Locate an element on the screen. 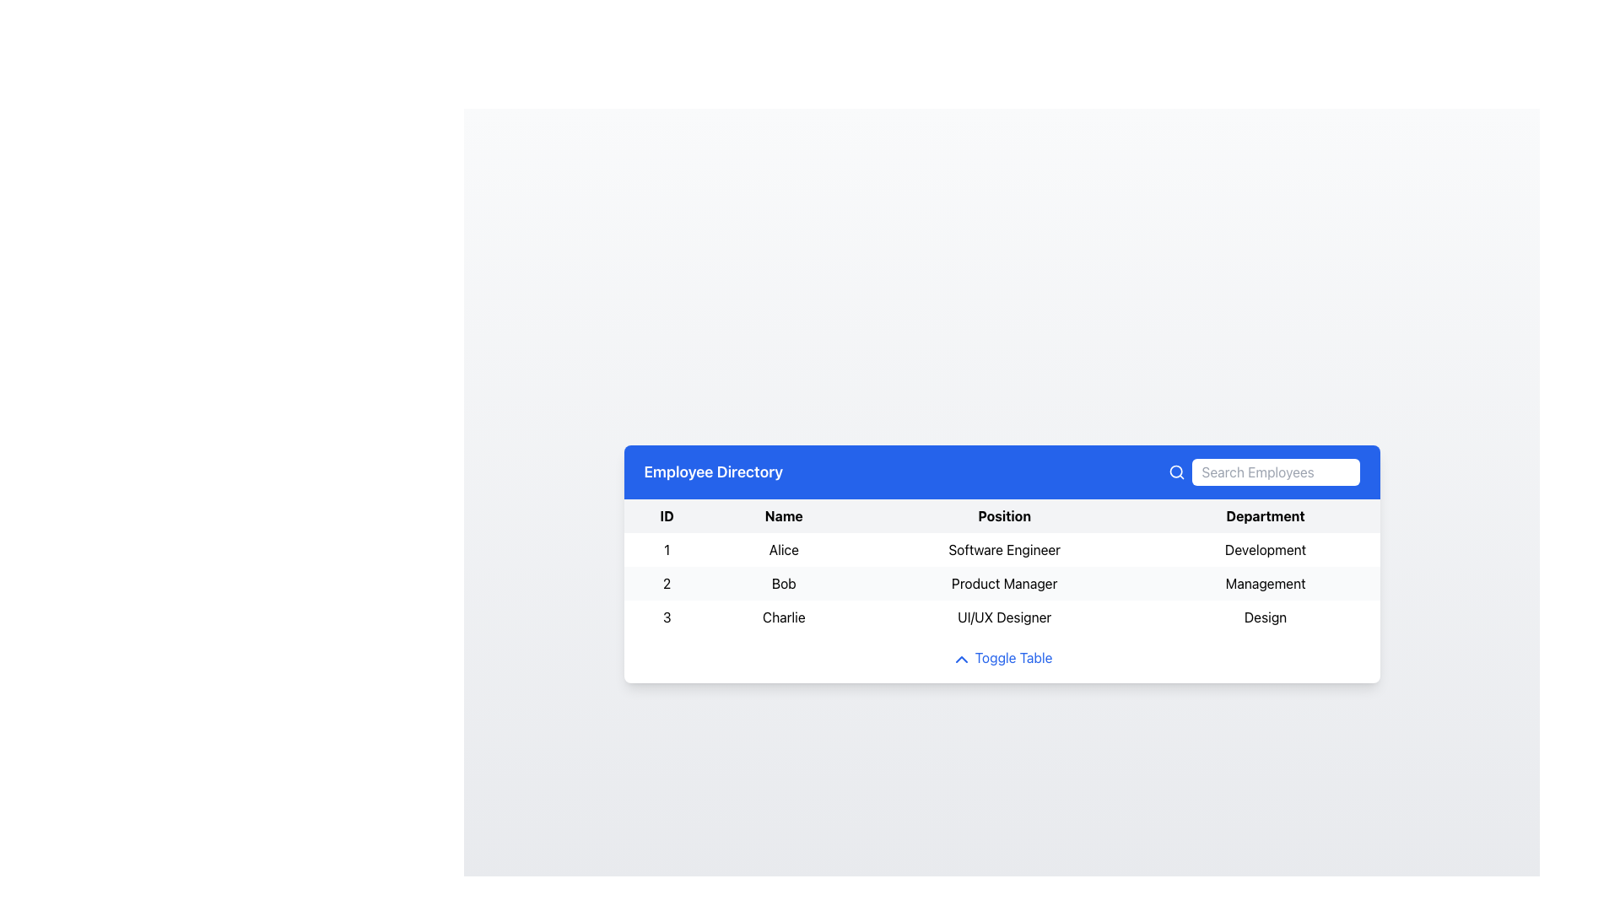 The image size is (1620, 911). the 'Position' text label in the header row of the table, which is written in bold black font against a white background, located between the 'Name' and 'Department' columns is located at coordinates (1004, 515).